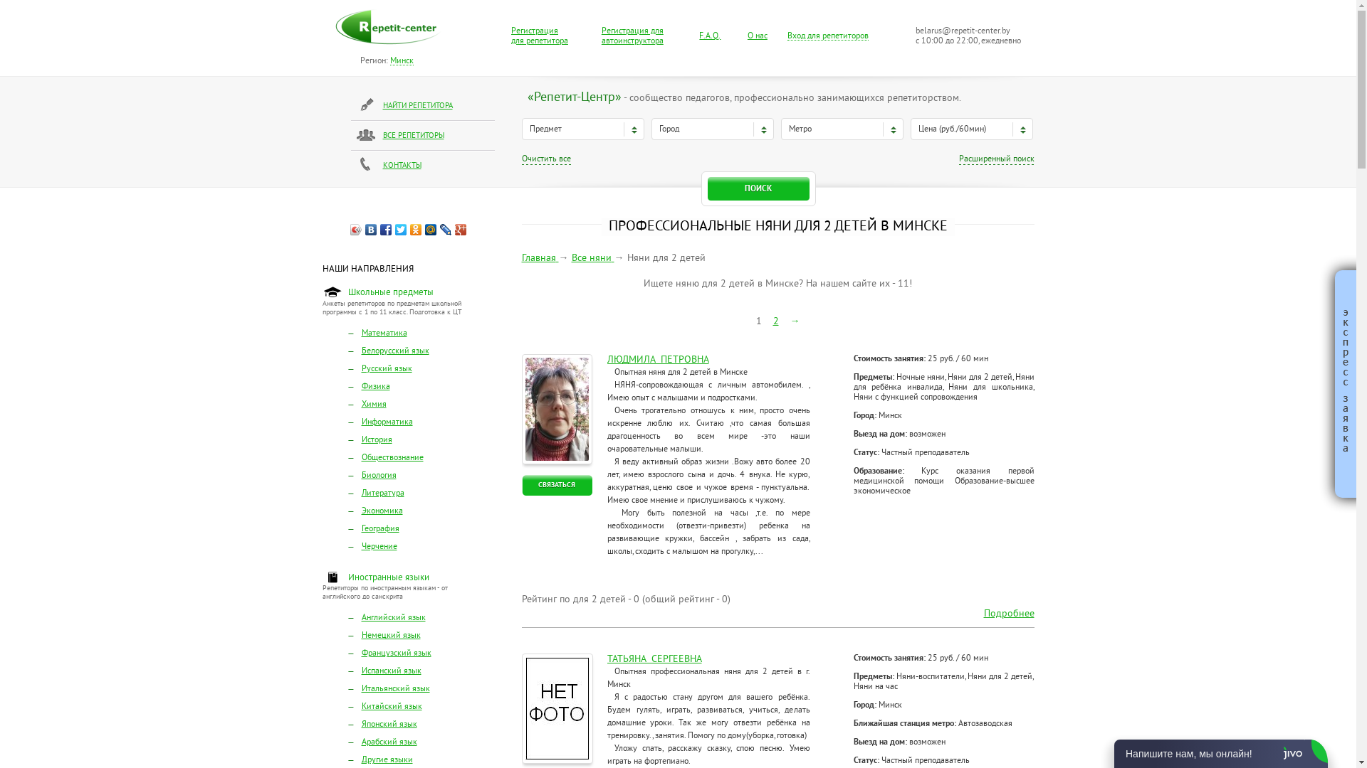 The width and height of the screenshot is (1367, 768). What do you see at coordinates (775, 321) in the screenshot?
I see `'2'` at bounding box center [775, 321].